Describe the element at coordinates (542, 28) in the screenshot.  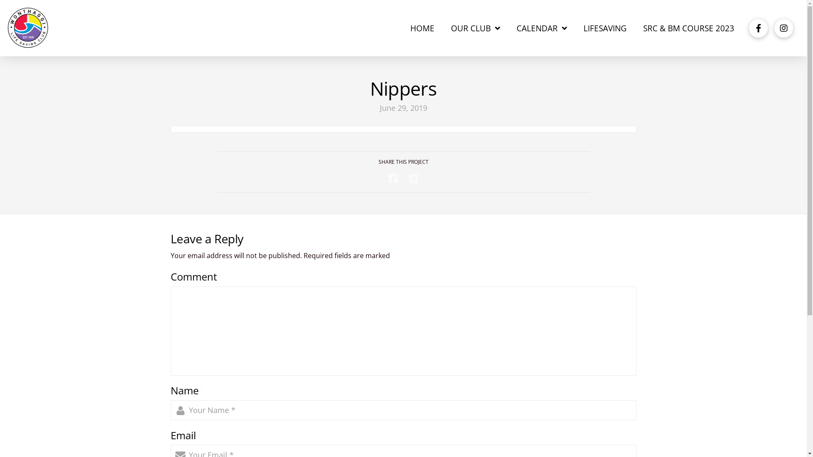
I see `'CALENDAR'` at that location.